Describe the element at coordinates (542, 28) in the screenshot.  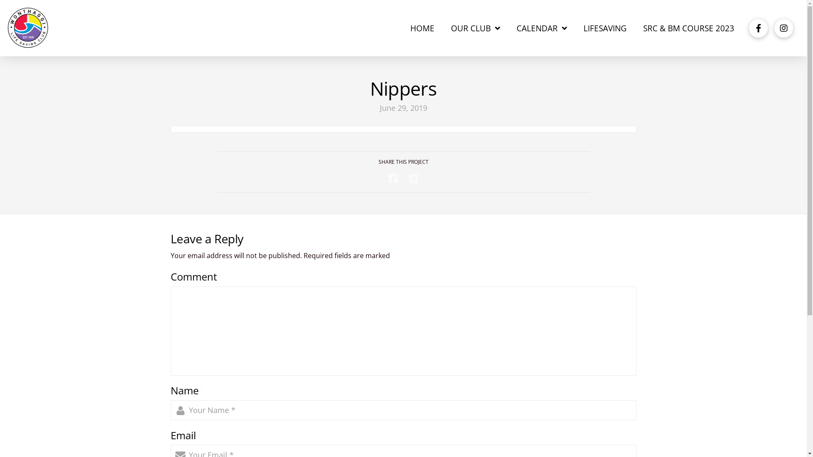
I see `'CALENDAR'` at that location.